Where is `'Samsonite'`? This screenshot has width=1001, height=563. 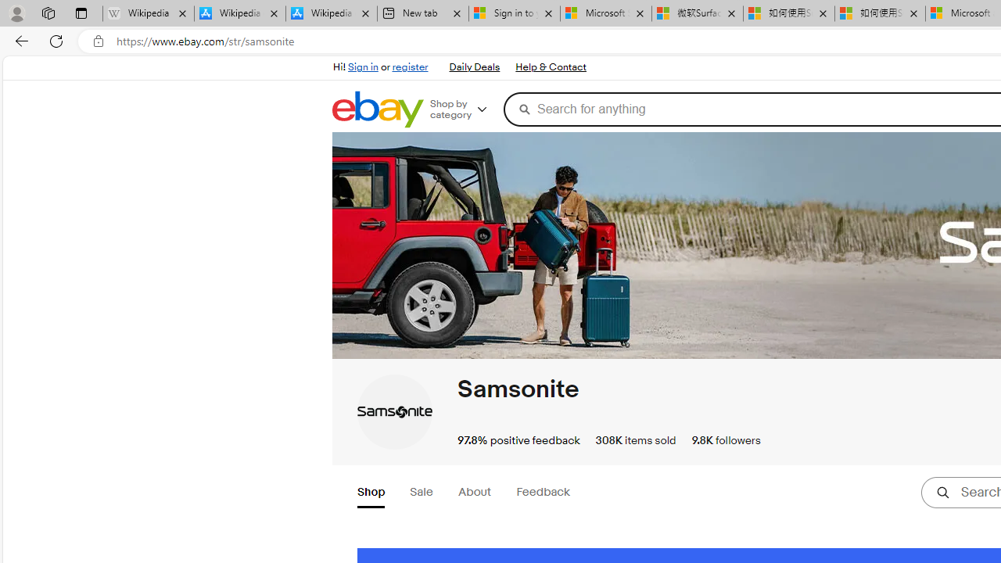
'Samsonite' is located at coordinates (394, 411).